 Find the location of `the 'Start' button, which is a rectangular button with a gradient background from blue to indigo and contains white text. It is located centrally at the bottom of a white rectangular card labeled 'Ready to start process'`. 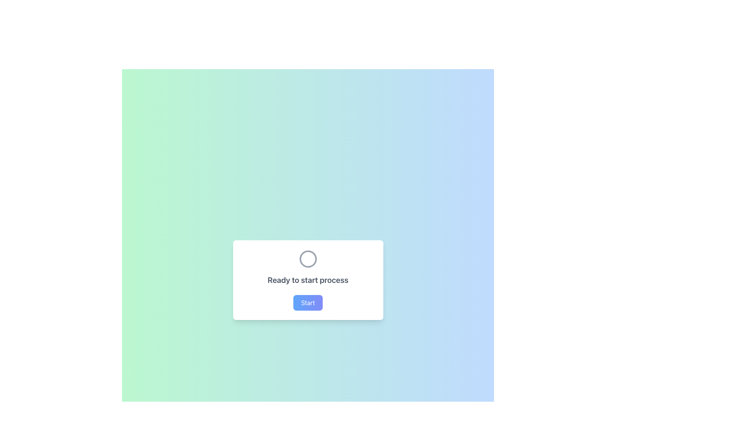

the 'Start' button, which is a rectangular button with a gradient background from blue to indigo and contains white text. It is located centrally at the bottom of a white rectangular card labeled 'Ready to start process' is located at coordinates (307, 302).